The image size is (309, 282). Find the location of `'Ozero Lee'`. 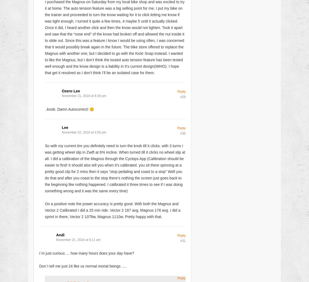

'Ozero Lee' is located at coordinates (70, 91).